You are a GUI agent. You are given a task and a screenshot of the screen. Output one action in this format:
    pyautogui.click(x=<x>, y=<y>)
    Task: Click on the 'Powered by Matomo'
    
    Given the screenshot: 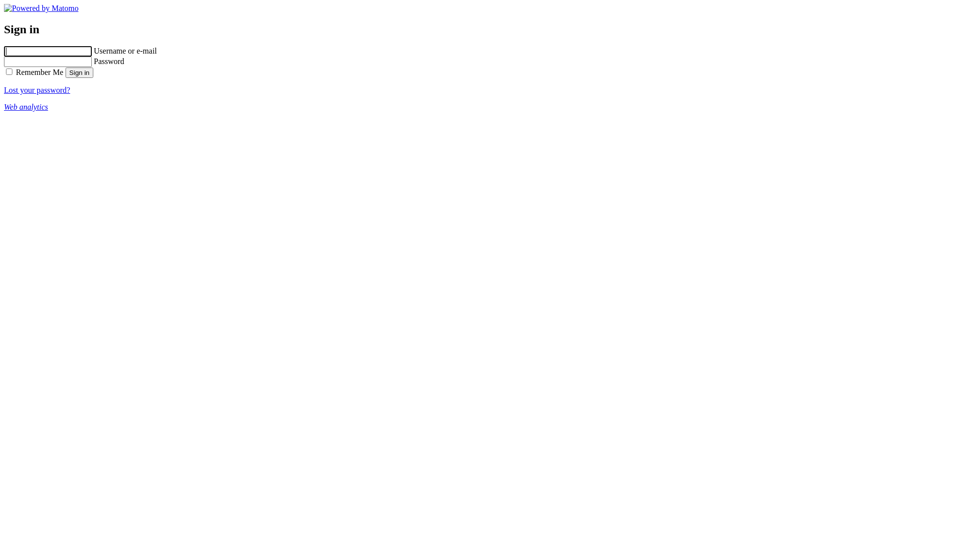 What is the action you would take?
    pyautogui.click(x=4, y=8)
    